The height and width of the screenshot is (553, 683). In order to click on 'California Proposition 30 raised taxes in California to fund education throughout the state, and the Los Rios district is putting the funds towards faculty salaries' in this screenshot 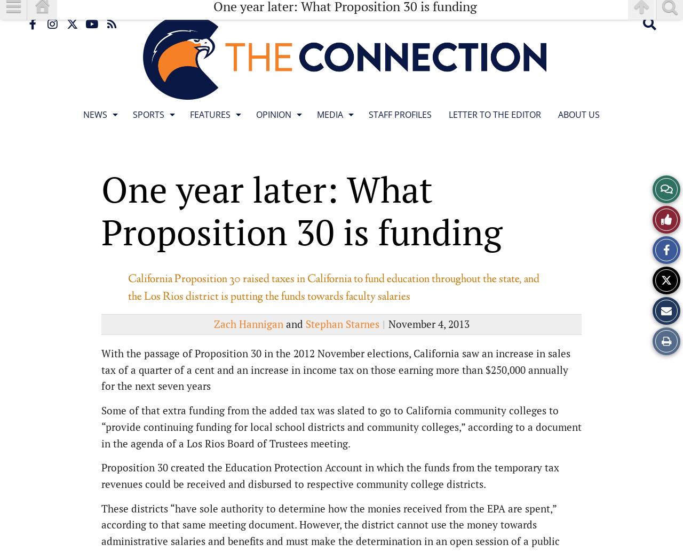, I will do `click(333, 288)`.